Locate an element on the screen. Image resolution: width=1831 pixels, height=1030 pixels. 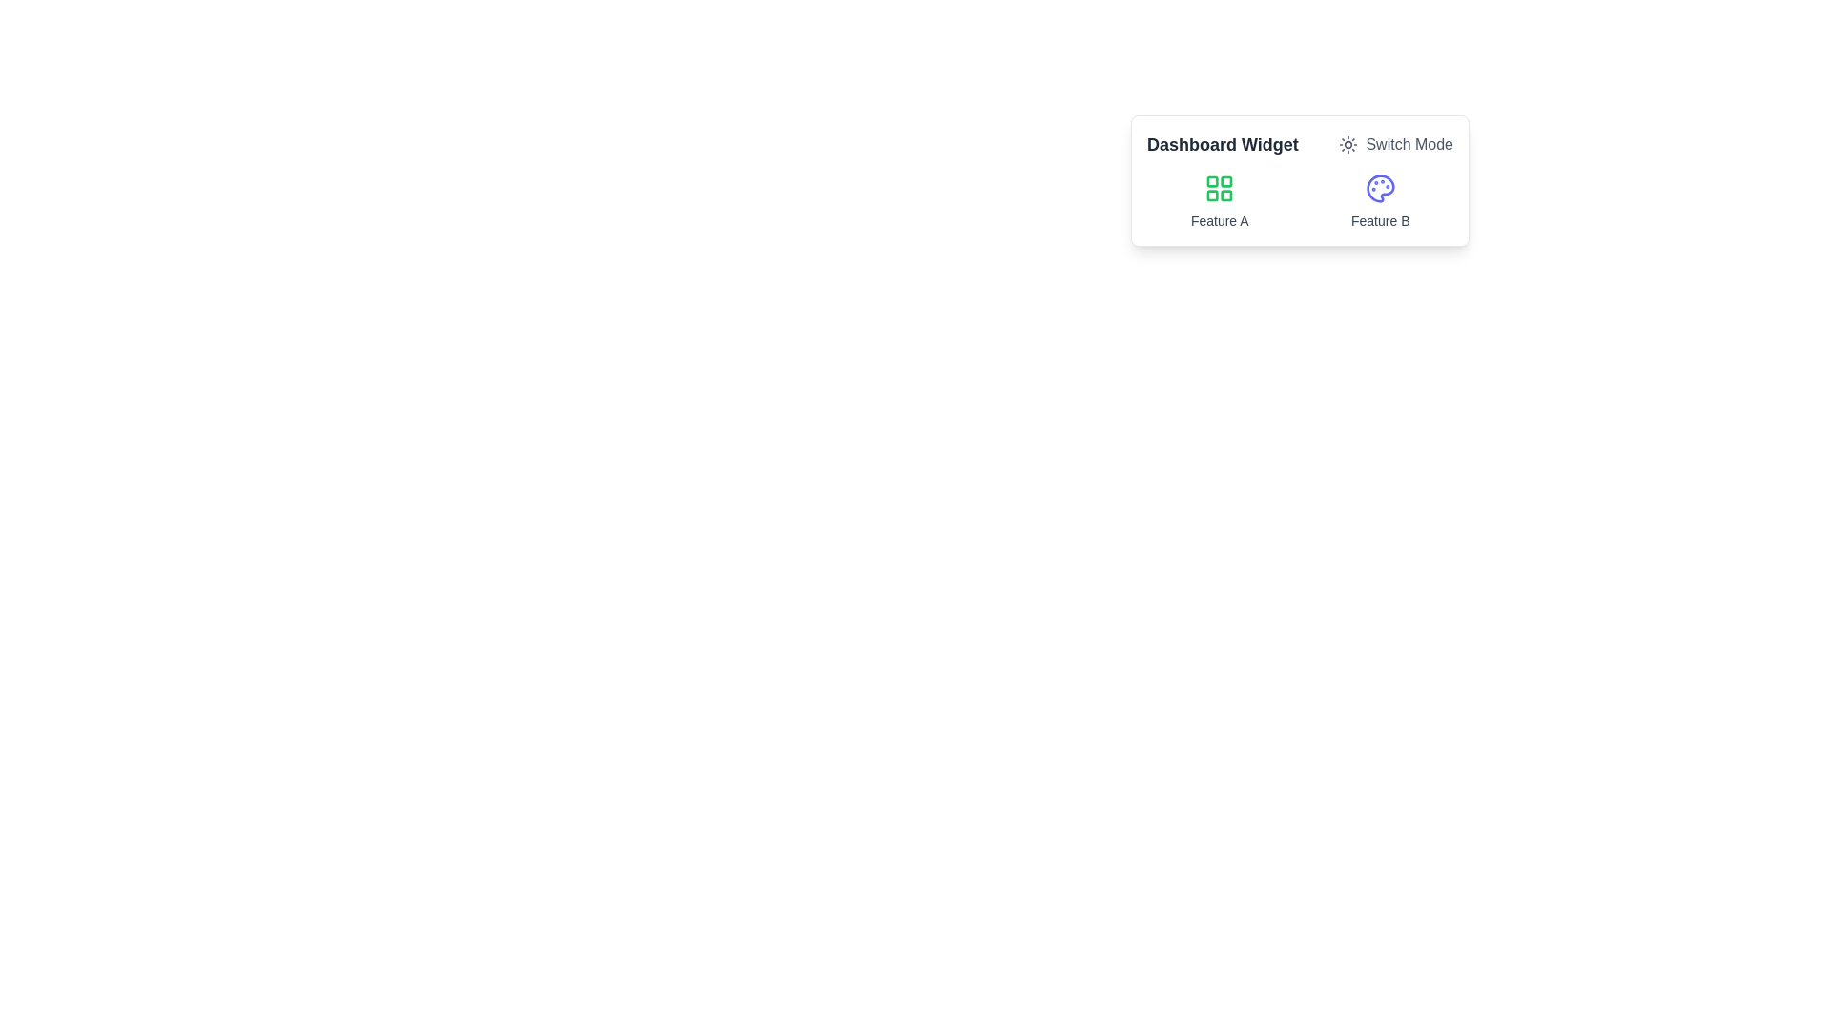
the indigo palette icon located above the 'Feature B' label in the second feature section is located at coordinates (1380, 188).